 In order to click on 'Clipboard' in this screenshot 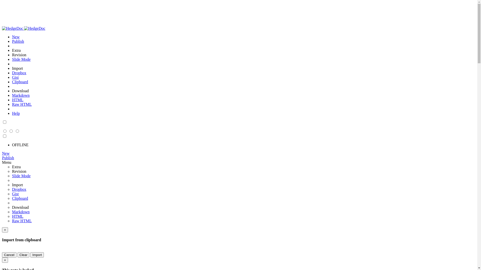, I will do `click(20, 81)`.